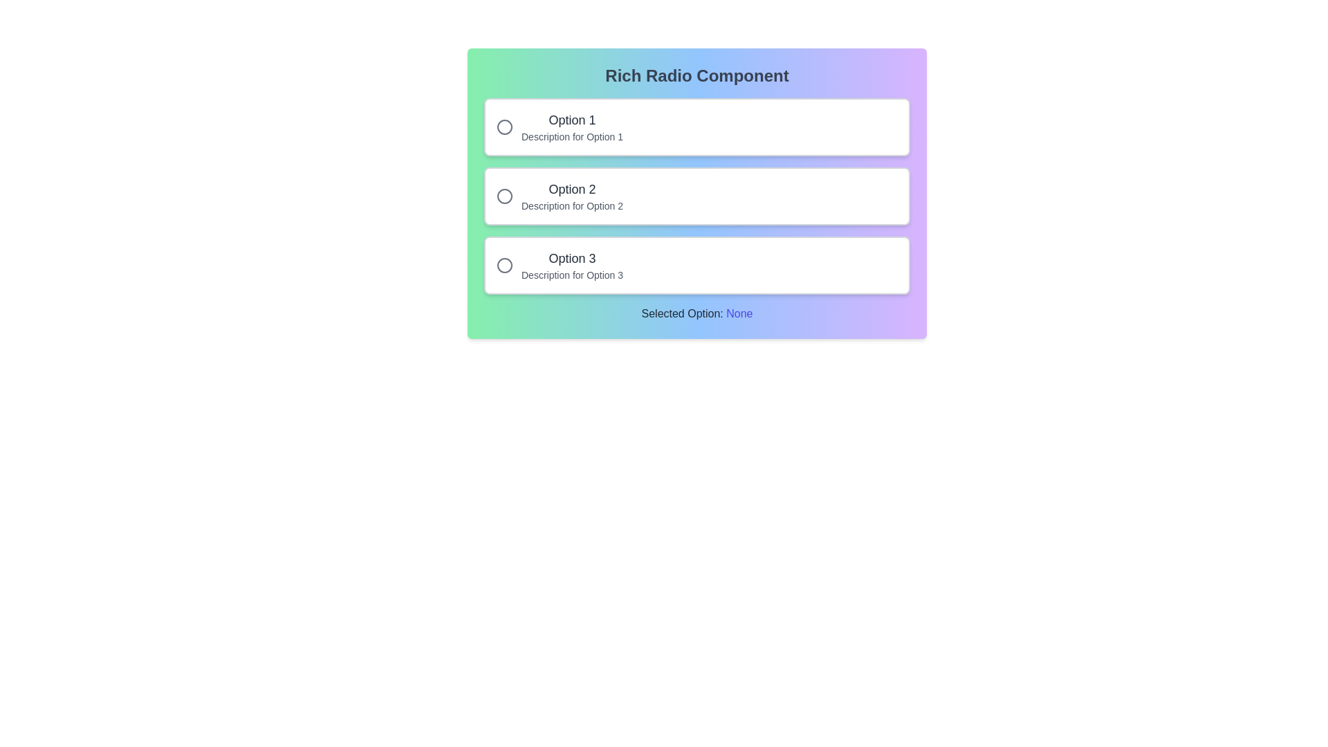  What do you see at coordinates (504, 127) in the screenshot?
I see `the radio button for 'Option 1'` at bounding box center [504, 127].